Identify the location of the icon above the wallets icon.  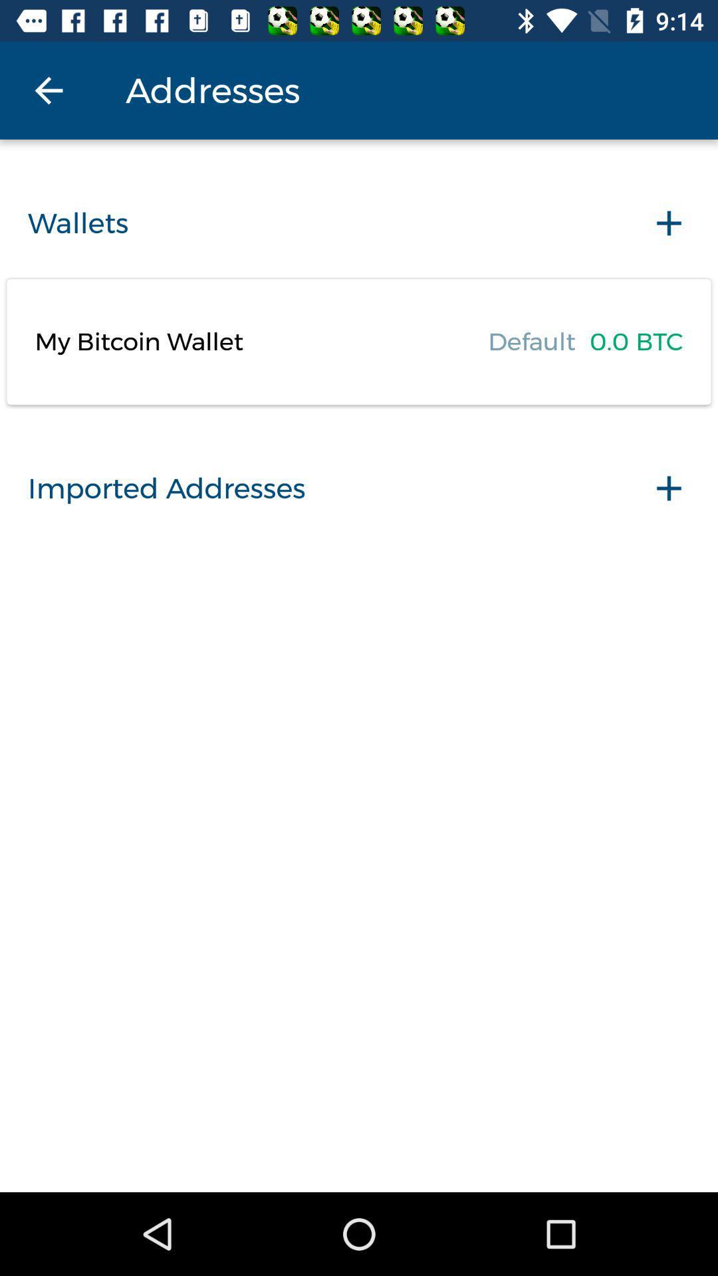
(48, 90).